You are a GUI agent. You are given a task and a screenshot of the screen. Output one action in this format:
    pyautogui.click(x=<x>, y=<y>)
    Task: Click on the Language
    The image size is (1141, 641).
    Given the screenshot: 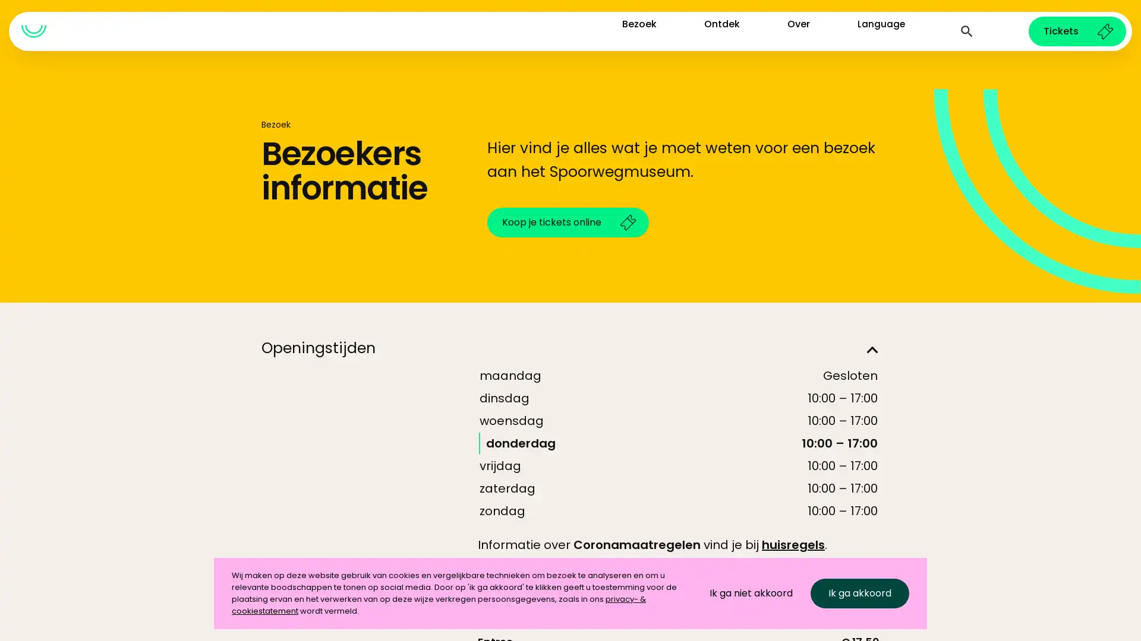 What is the action you would take?
    pyautogui.click(x=881, y=30)
    